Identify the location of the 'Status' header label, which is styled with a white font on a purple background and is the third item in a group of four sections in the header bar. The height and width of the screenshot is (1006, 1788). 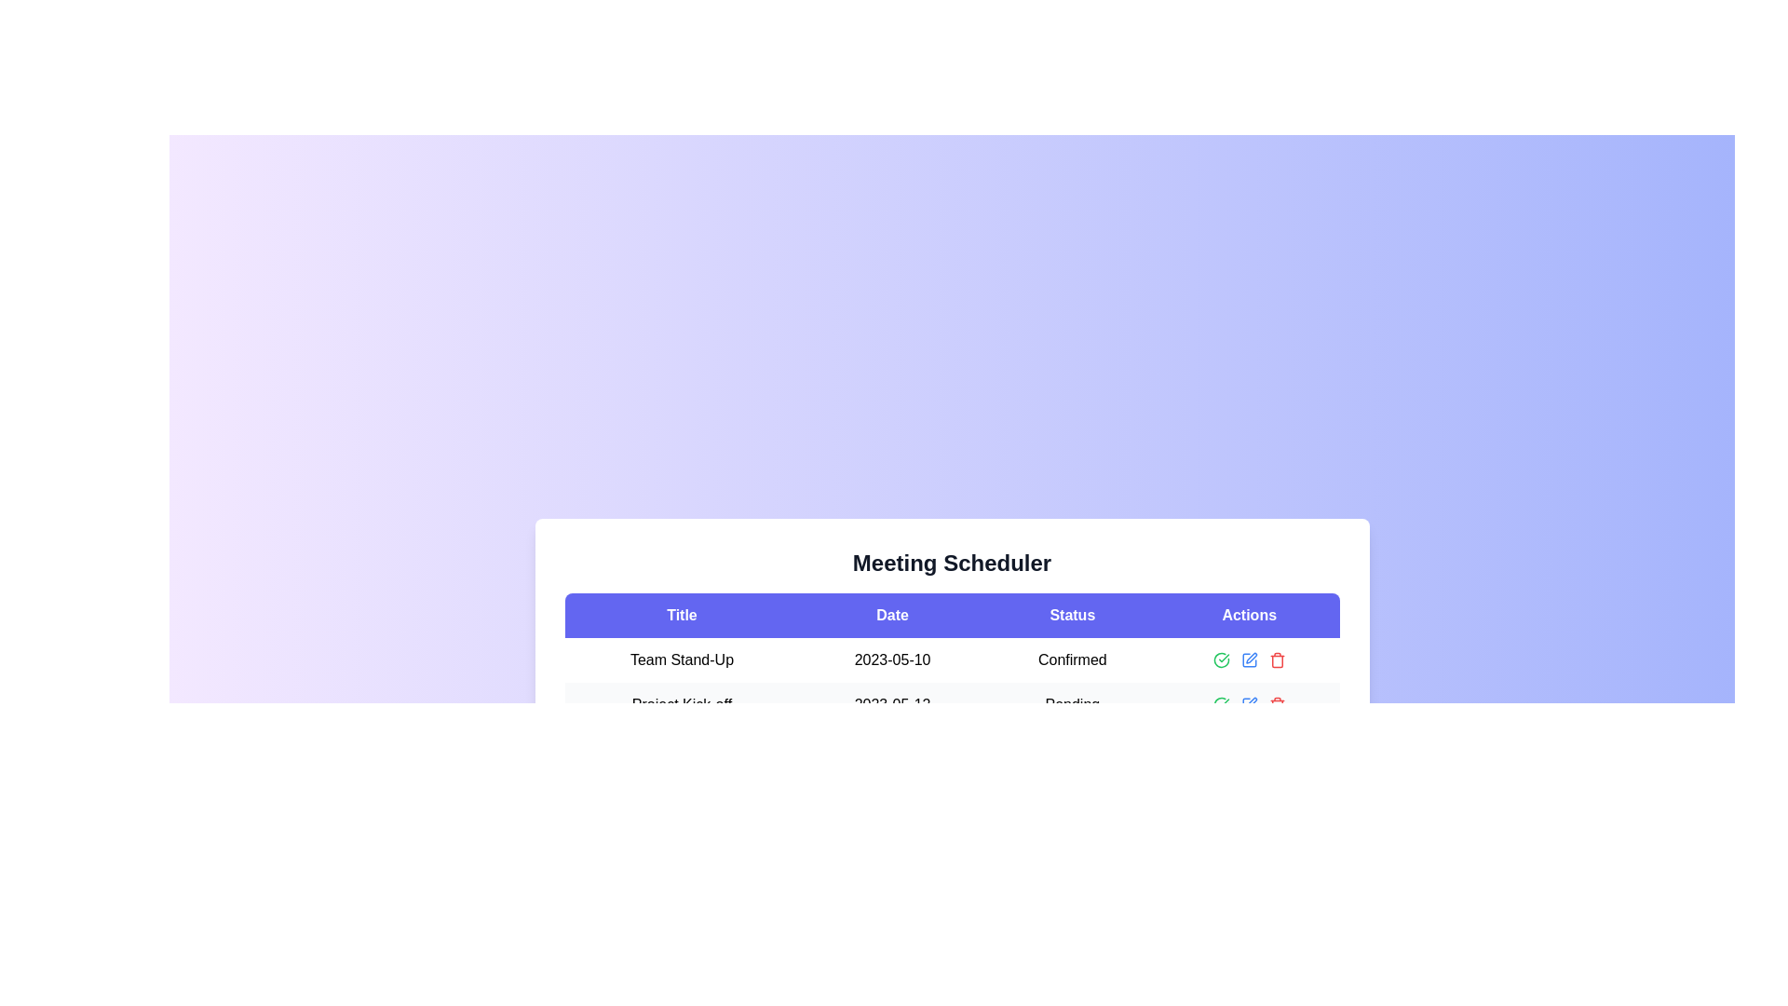
(1072, 615).